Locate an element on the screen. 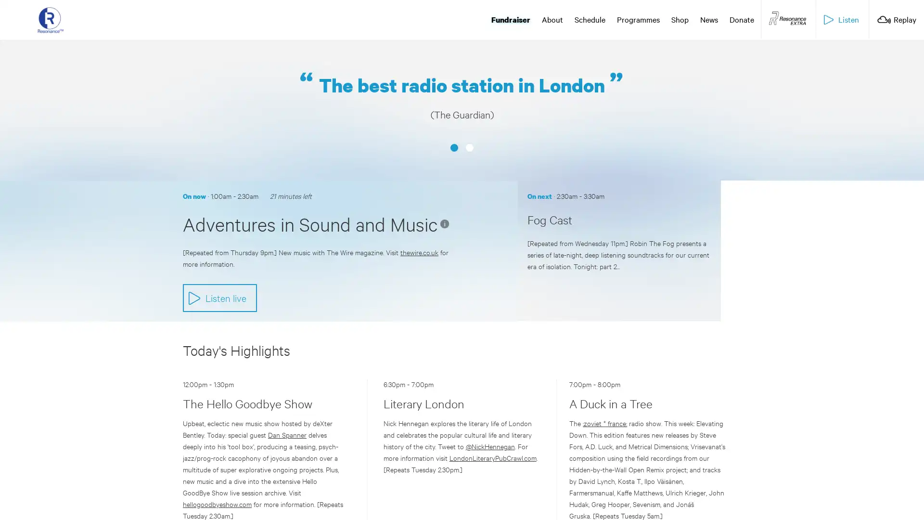  2 is located at coordinates (469, 120).